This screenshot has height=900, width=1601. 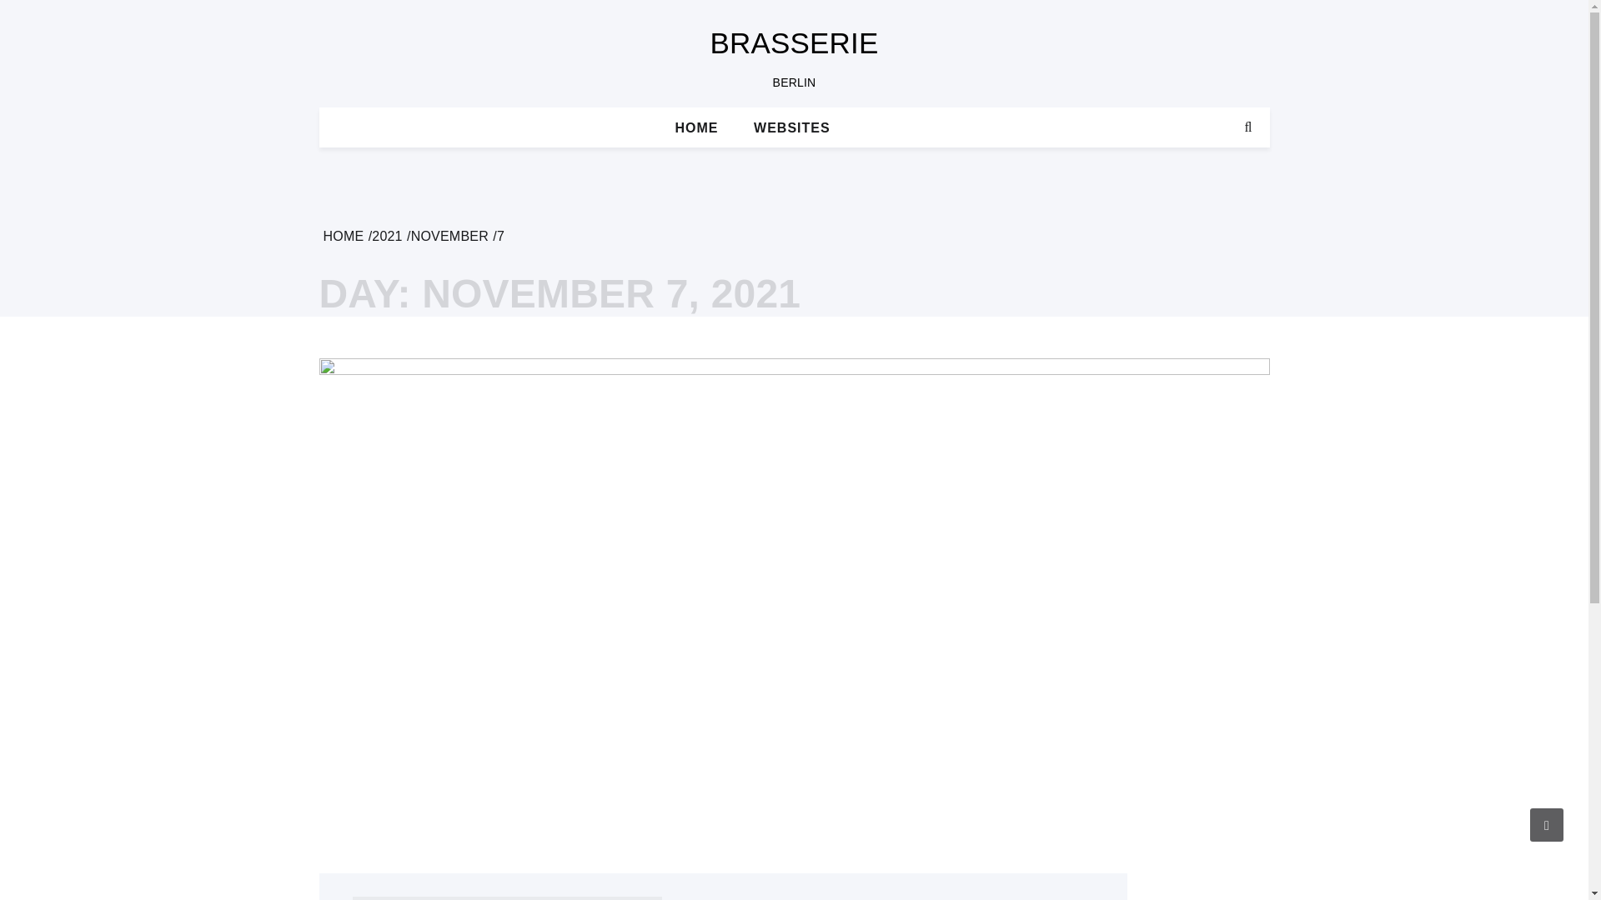 What do you see at coordinates (792, 42) in the screenshot?
I see `'BRASSERIE'` at bounding box center [792, 42].